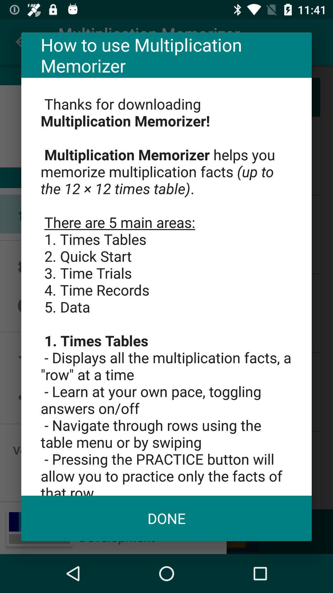 The width and height of the screenshot is (333, 593). What do you see at coordinates (166, 518) in the screenshot?
I see `the done` at bounding box center [166, 518].